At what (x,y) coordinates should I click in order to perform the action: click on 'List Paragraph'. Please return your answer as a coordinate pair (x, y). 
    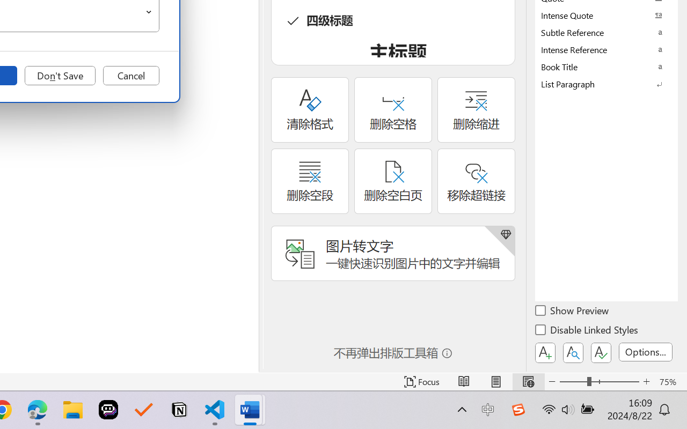
    Looking at the image, I should click on (606, 84).